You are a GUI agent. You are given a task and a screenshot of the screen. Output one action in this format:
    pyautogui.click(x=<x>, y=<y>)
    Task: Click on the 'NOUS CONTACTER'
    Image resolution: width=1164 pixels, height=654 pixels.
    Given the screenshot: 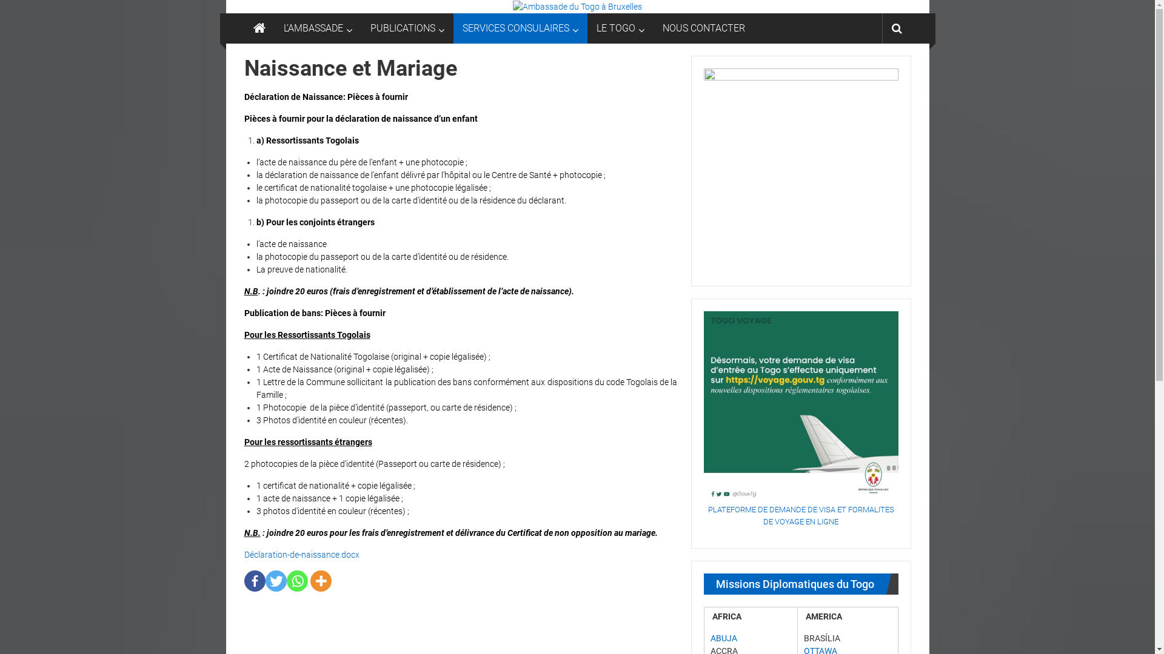 What is the action you would take?
    pyautogui.click(x=703, y=27)
    